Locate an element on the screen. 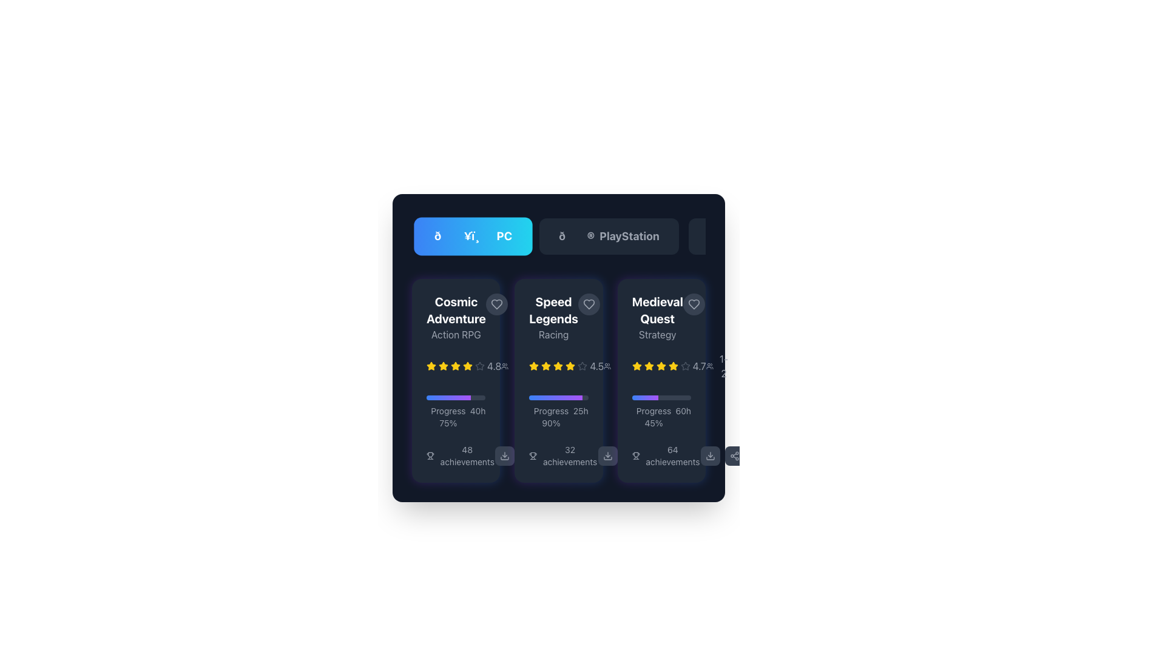  the first yellow star icon used for rating display in the 'Cosmic Adventure' game card, which is prominently located on the left side of the card layout is located at coordinates (431, 366).